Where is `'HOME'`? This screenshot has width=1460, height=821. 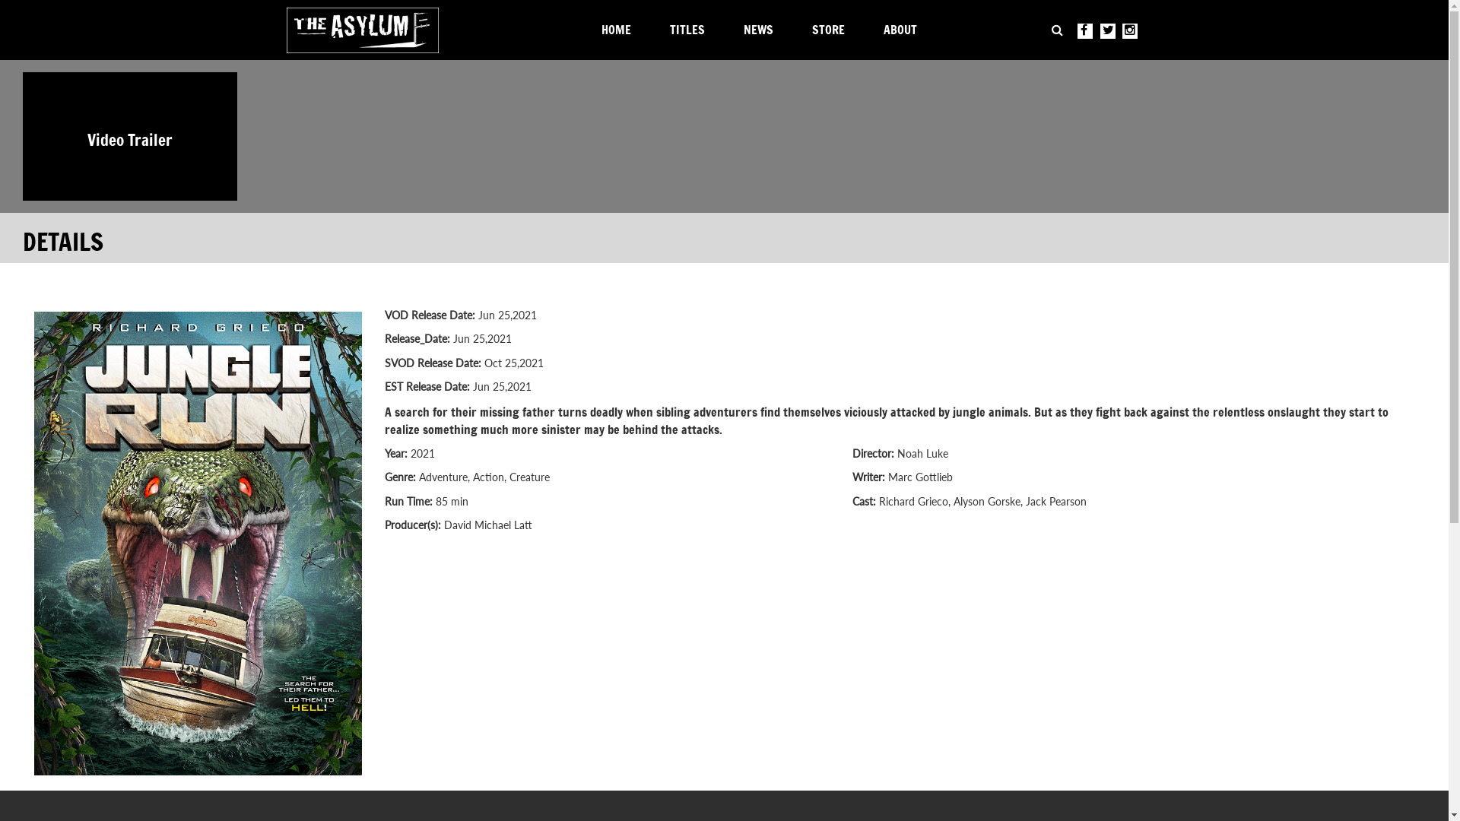
'HOME' is located at coordinates (620, 32).